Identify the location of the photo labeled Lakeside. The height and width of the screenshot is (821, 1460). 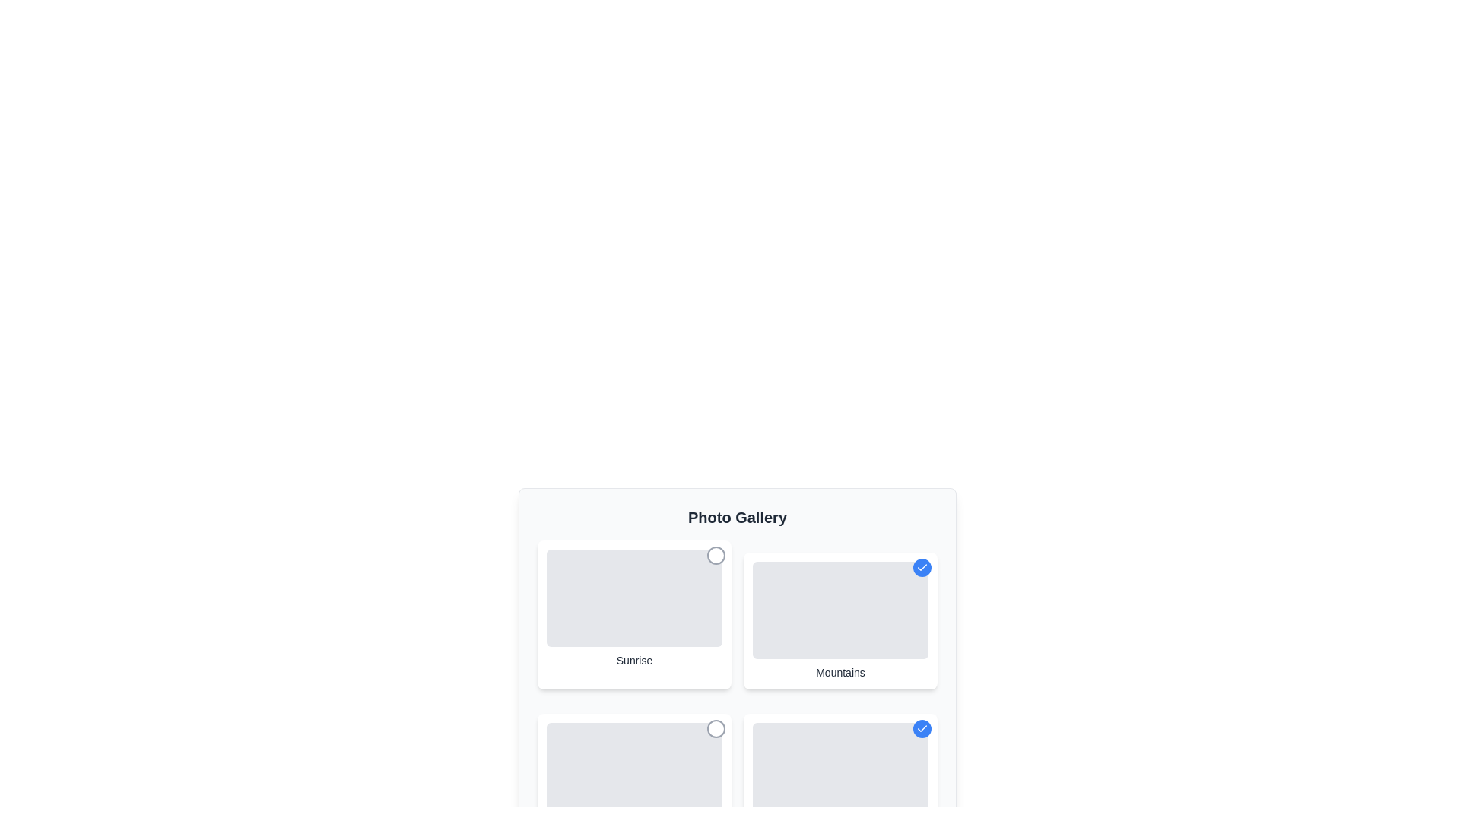
(922, 728).